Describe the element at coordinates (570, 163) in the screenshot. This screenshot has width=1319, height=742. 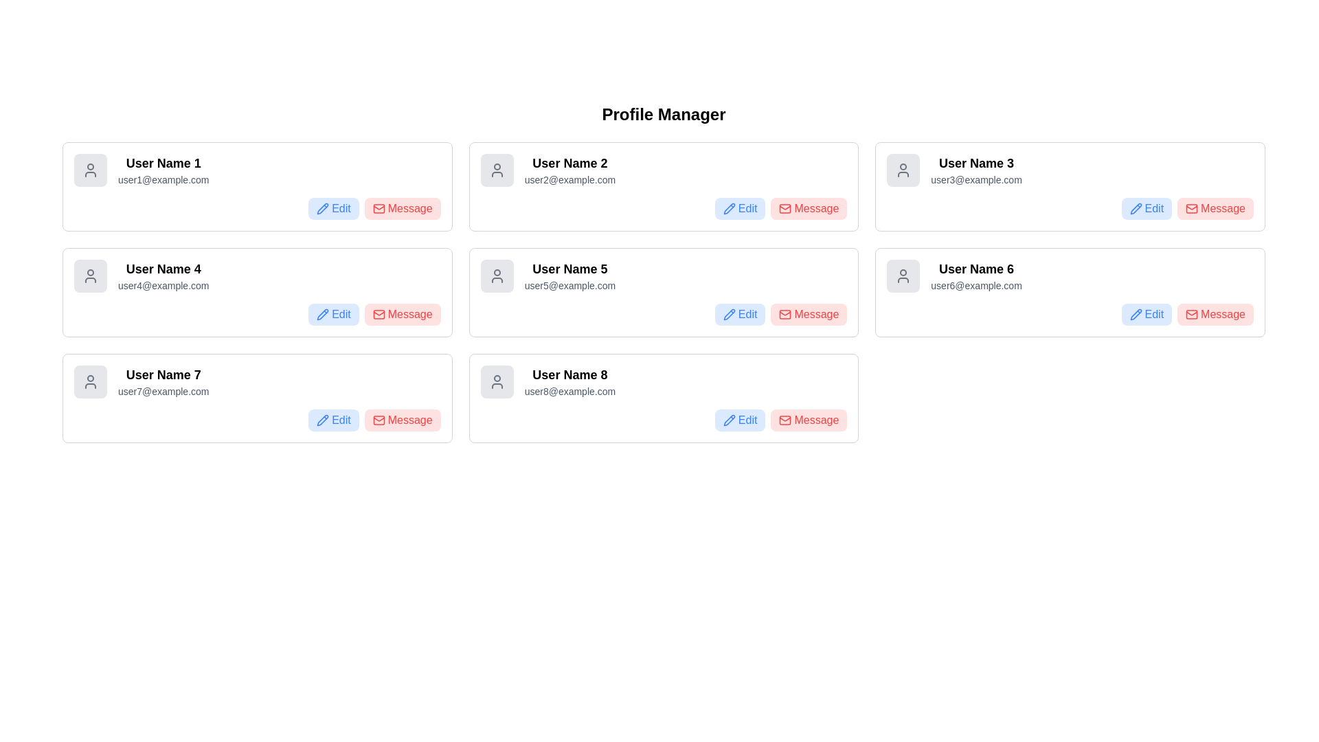
I see `the profile name identifier text label located in the header section of the profile card titled 'User Name 2 user2@example.com'` at that location.